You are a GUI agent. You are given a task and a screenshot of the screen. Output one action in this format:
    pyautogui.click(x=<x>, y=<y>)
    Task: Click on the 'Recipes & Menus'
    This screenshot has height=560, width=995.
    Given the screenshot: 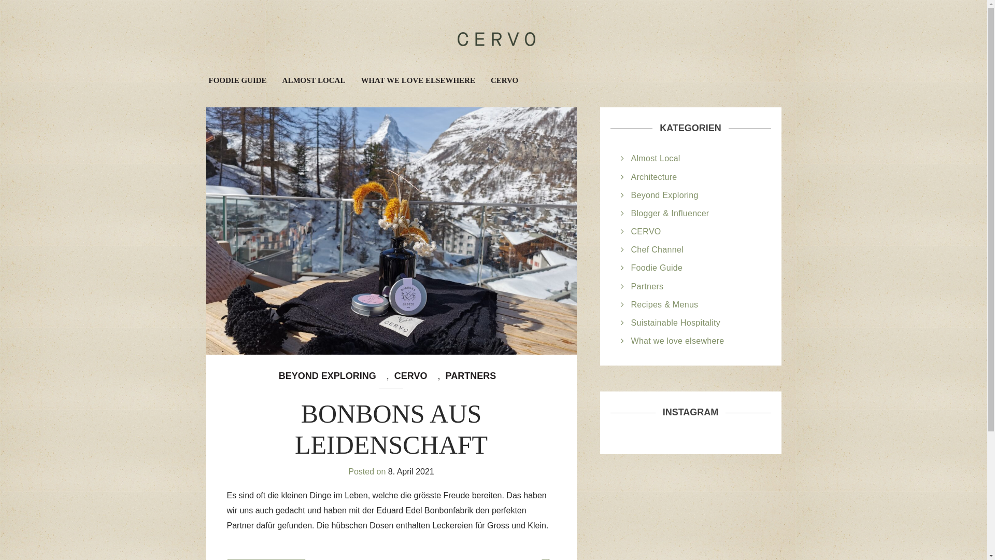 What is the action you would take?
    pyautogui.click(x=664, y=304)
    